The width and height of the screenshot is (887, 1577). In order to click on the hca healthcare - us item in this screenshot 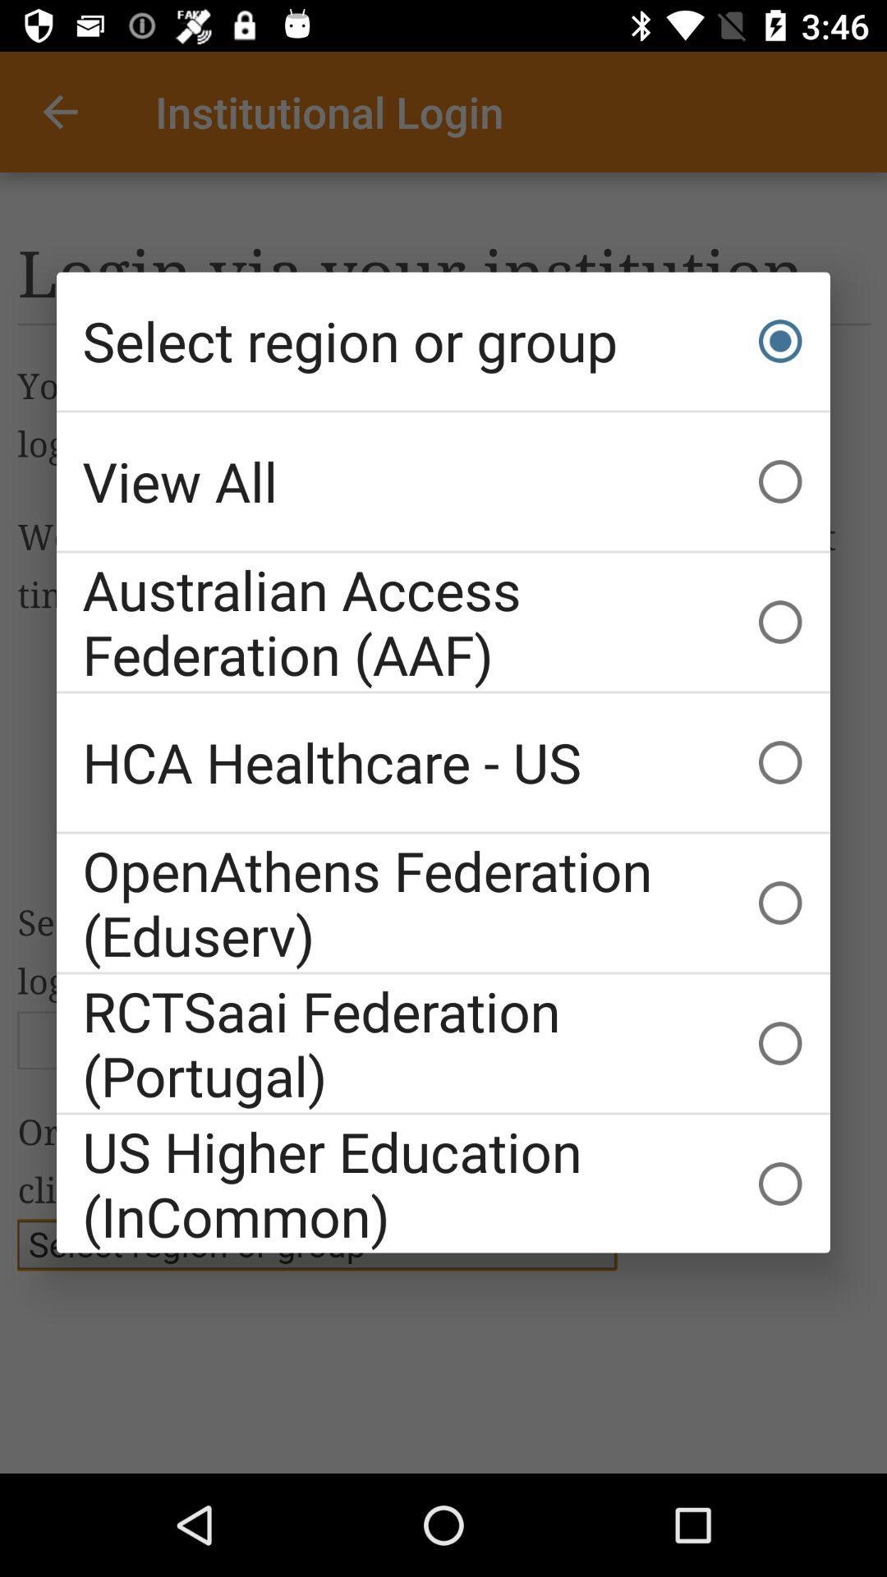, I will do `click(443, 761)`.